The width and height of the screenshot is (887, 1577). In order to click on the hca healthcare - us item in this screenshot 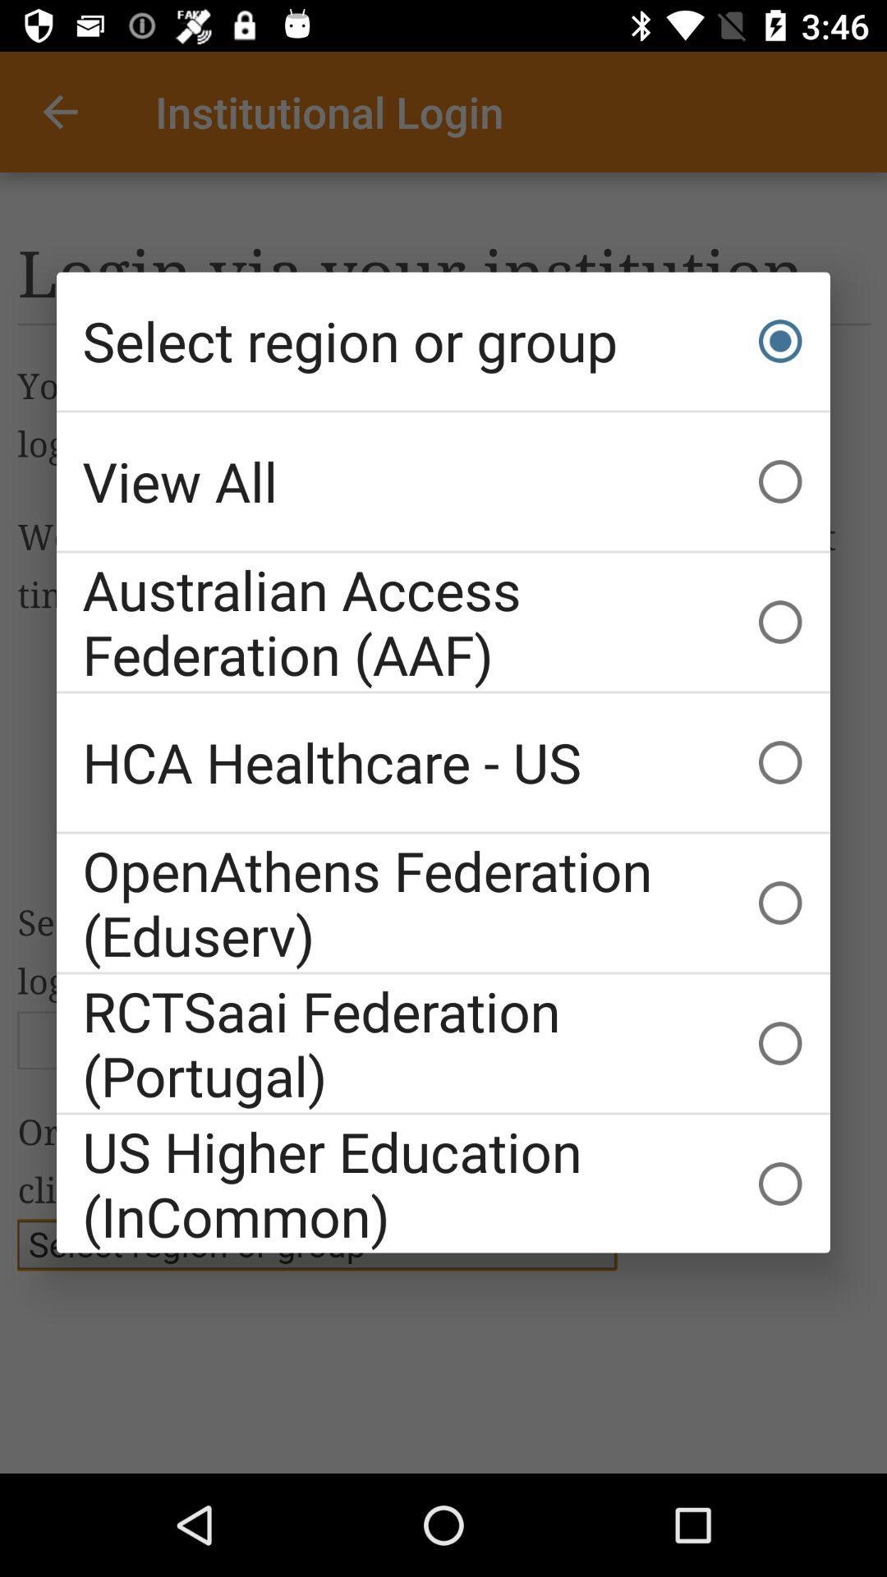, I will do `click(443, 761)`.